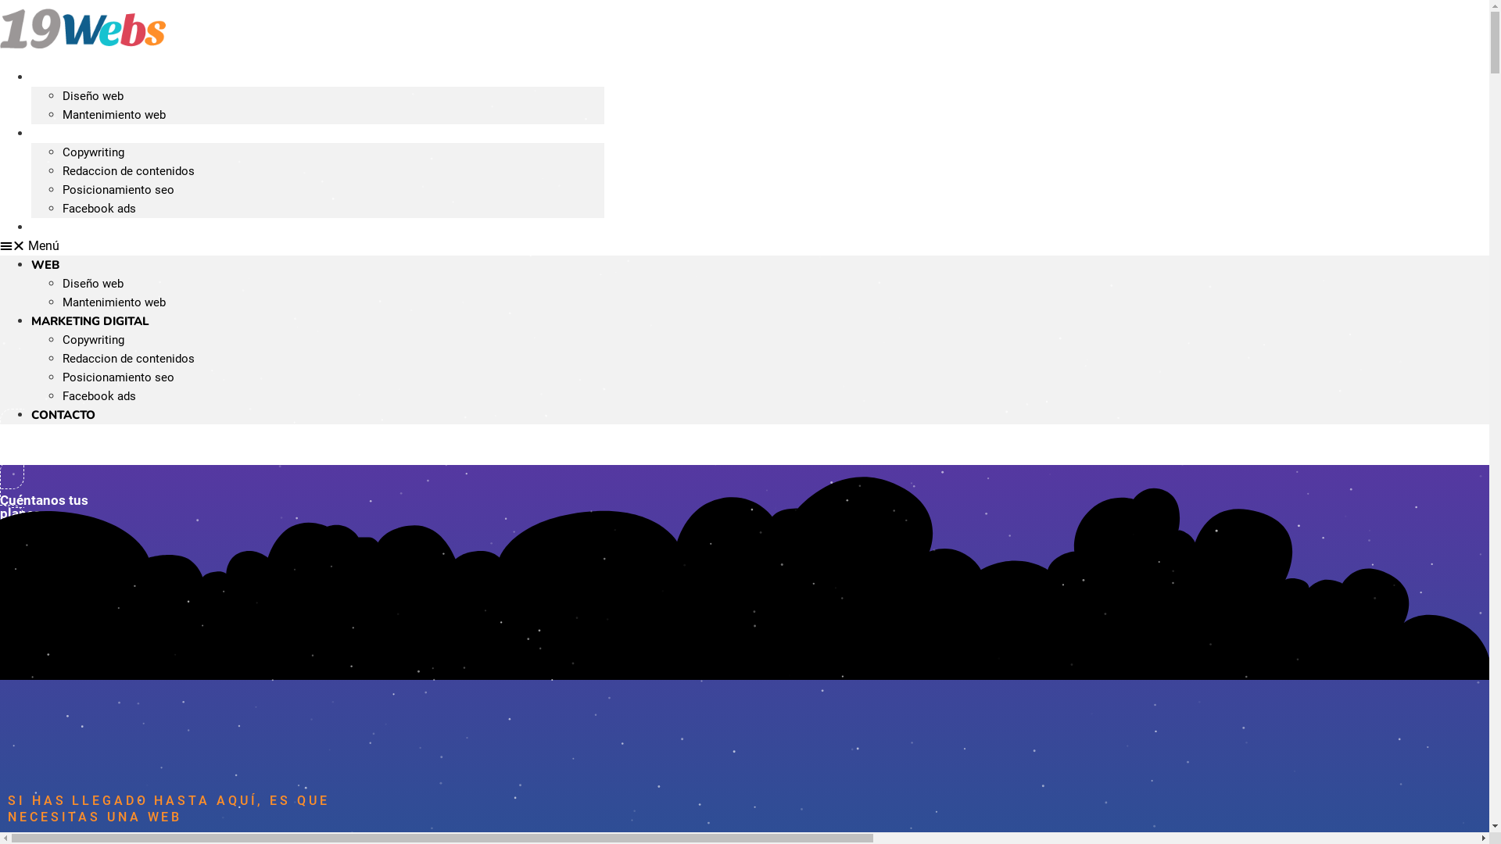 This screenshot has width=1501, height=844. Describe the element at coordinates (98, 395) in the screenshot. I see `'Facebook ads'` at that location.